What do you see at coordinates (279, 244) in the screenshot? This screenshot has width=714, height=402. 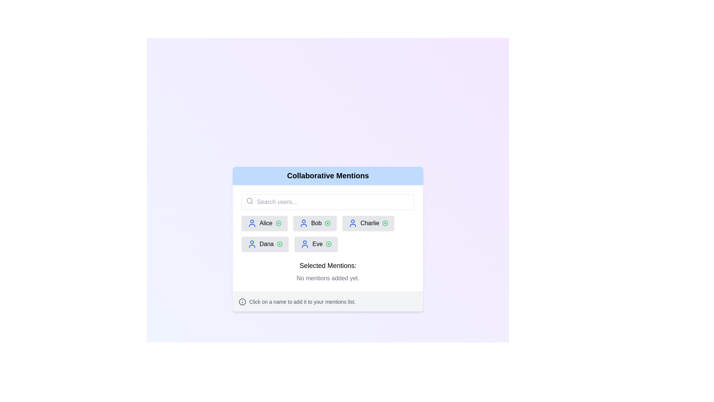 I see `the circular '+' icon with a green border located next to the word 'Dana' in the button-like box under the 'Collaborative Mentions' heading` at bounding box center [279, 244].